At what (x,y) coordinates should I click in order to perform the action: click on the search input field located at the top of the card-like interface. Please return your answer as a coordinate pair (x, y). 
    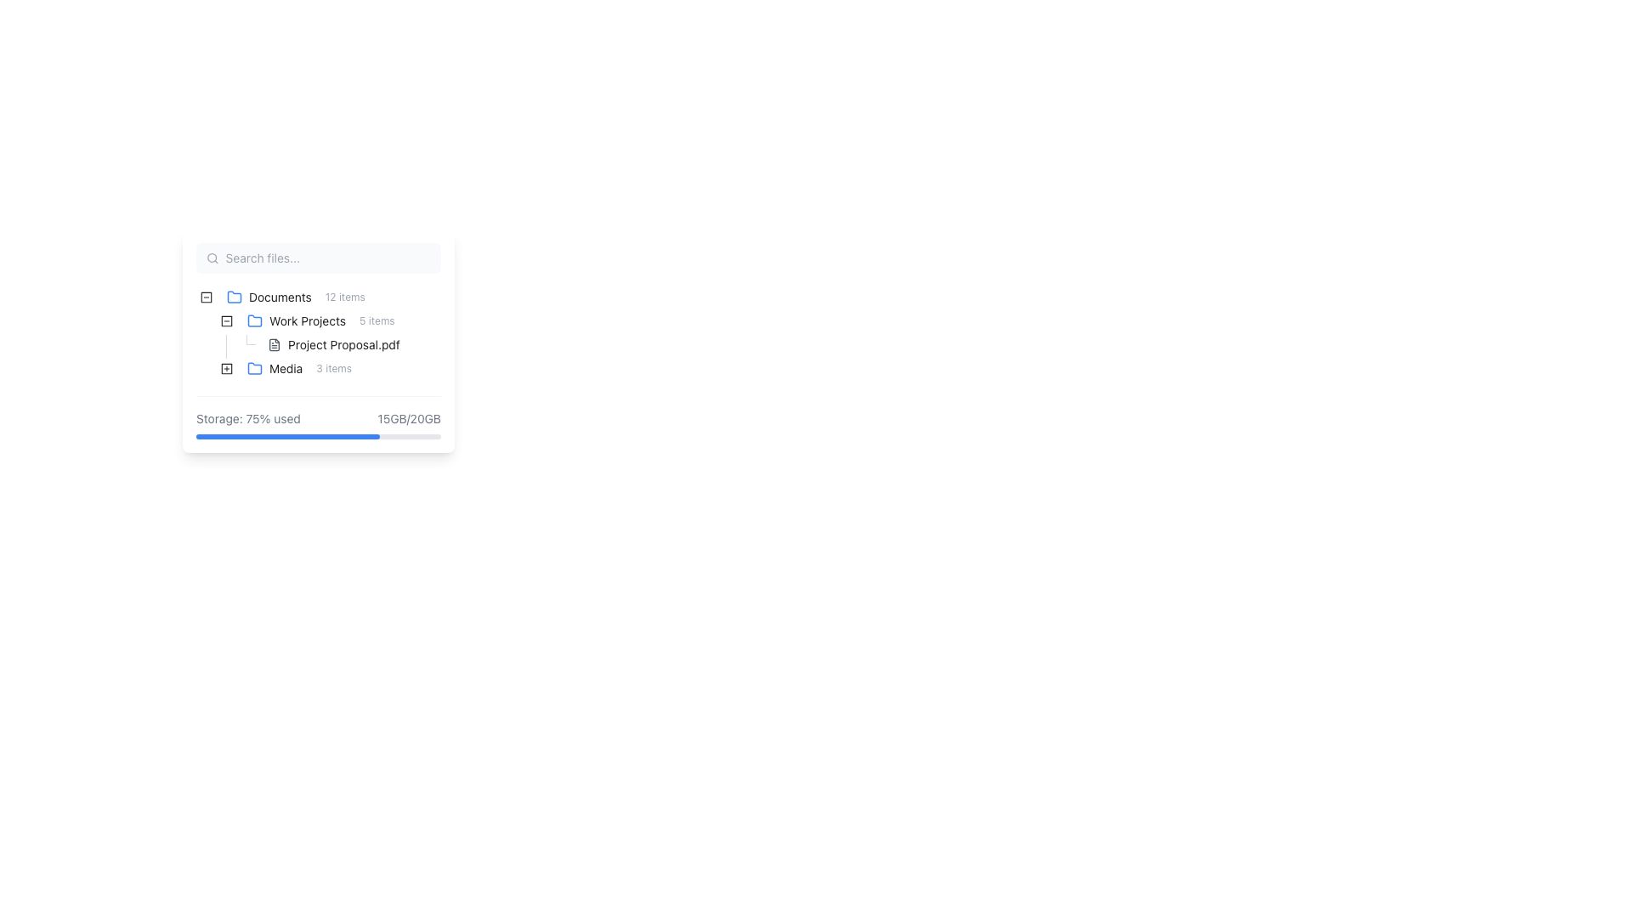
    Looking at the image, I should click on (318, 258).